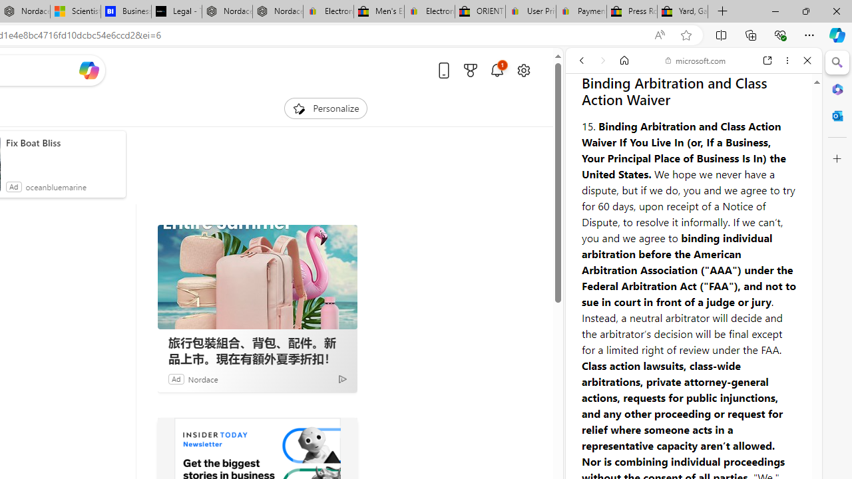 The width and height of the screenshot is (852, 479). I want to click on 'Fix Boat Bliss', so click(62, 142).